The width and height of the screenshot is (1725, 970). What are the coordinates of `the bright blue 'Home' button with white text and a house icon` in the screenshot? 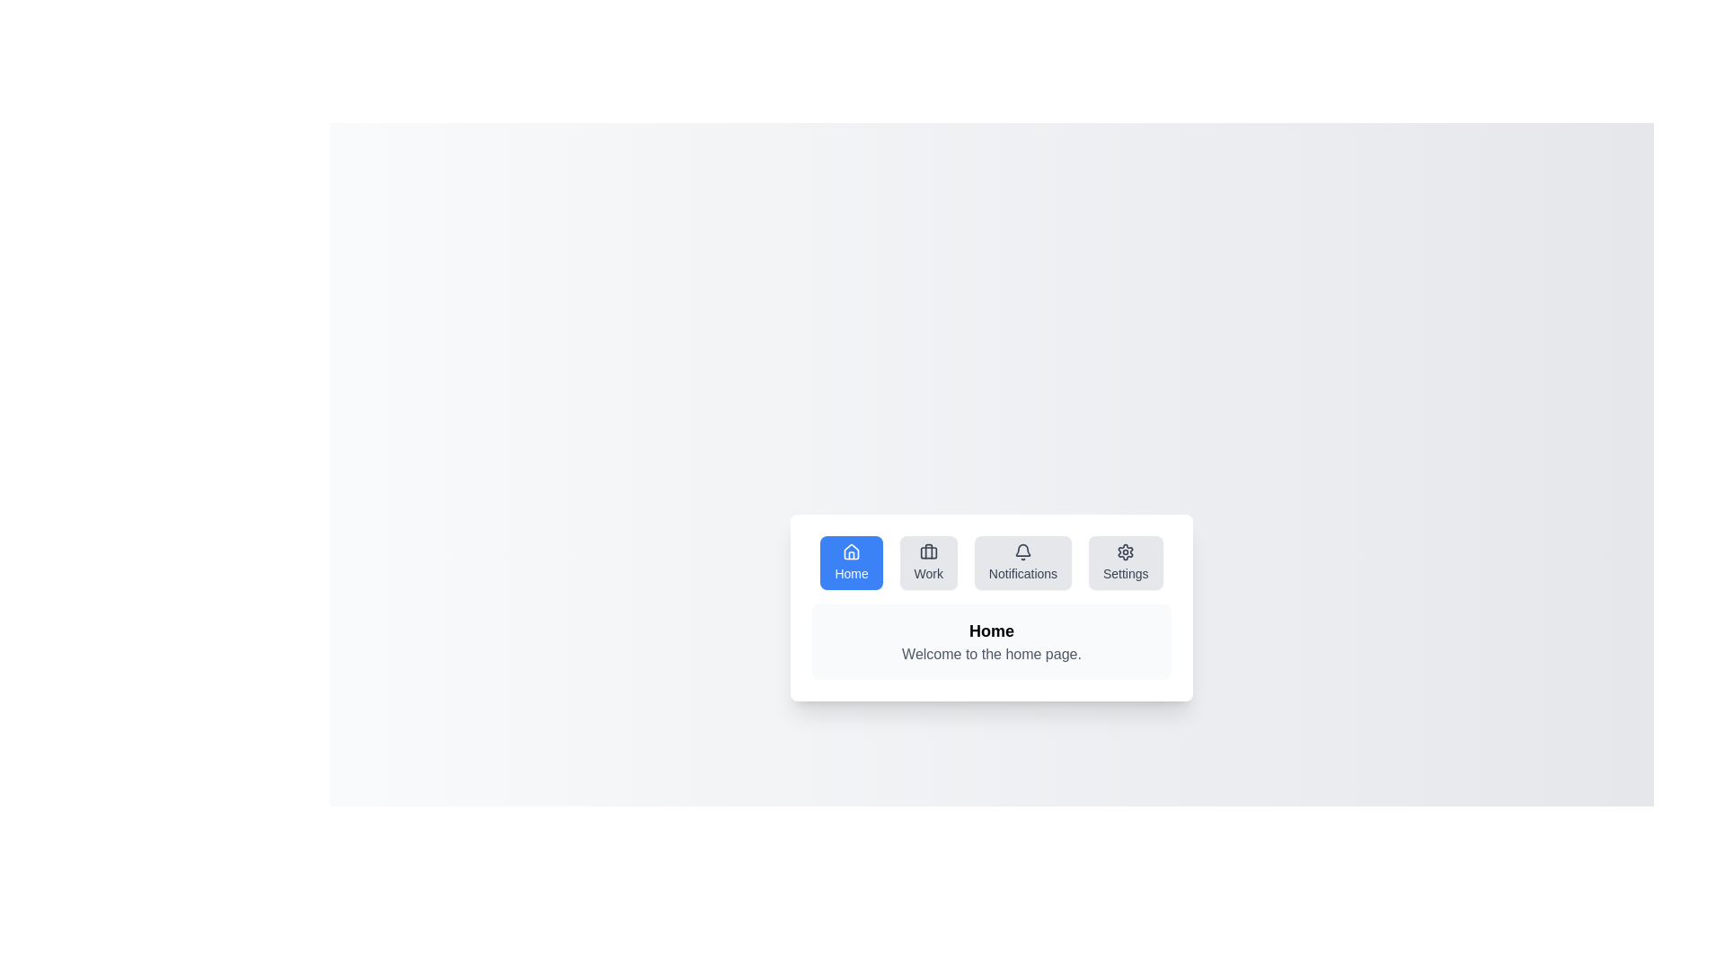 It's located at (851, 562).